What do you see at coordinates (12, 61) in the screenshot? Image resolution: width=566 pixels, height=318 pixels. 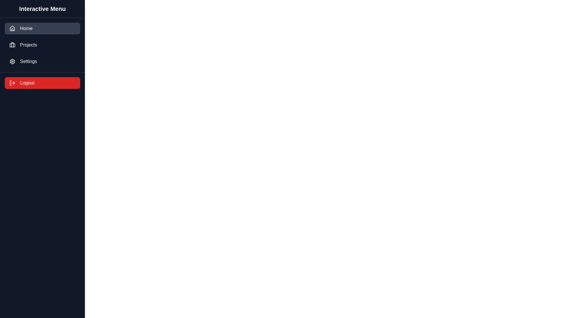 I see `the gear icon used to signify settings, which is located in the third row of the vertical menu to the left of the text 'Settings'` at bounding box center [12, 61].